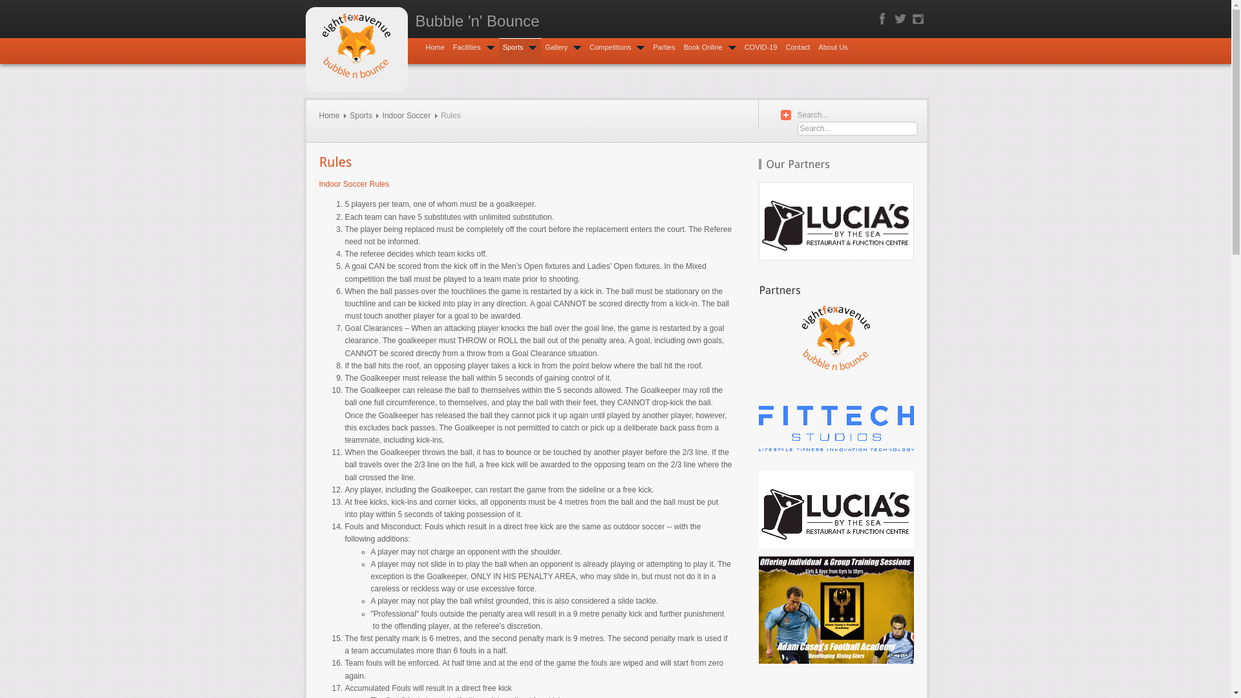 Image resolution: width=1241 pixels, height=698 pixels. Describe the element at coordinates (880, 19) in the screenshot. I see `'Facebook'` at that location.